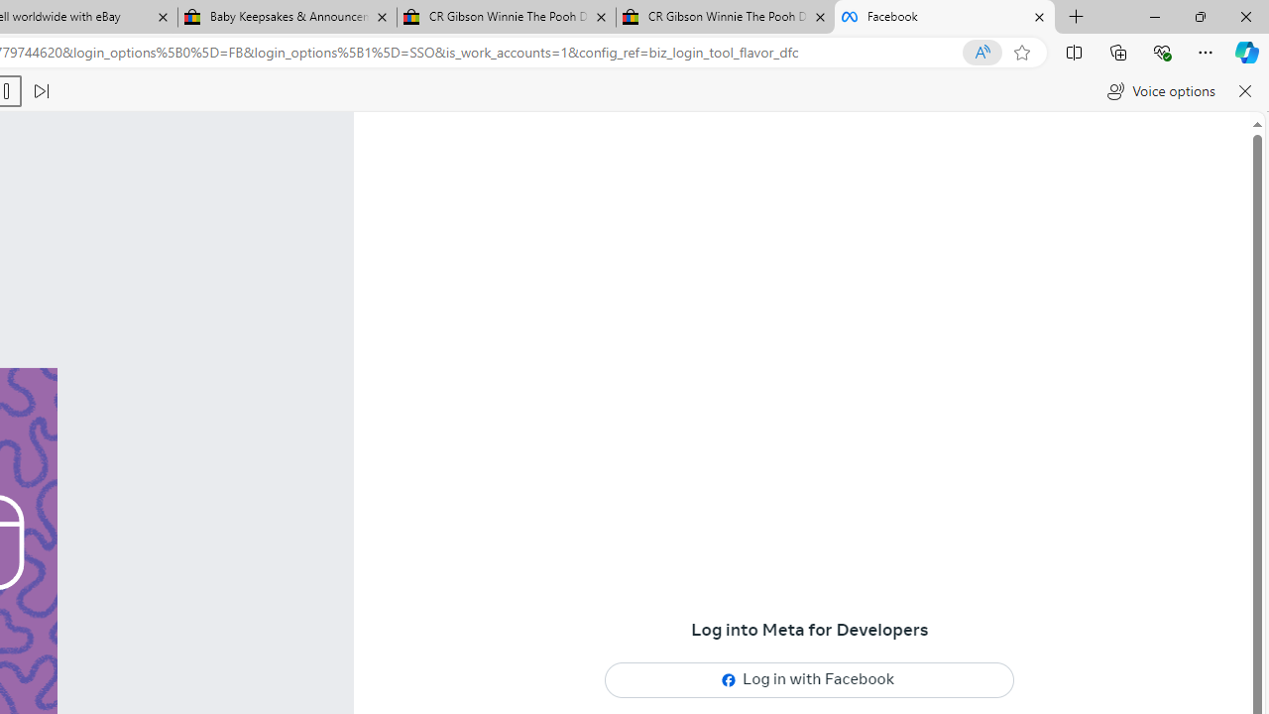 This screenshot has height=714, width=1269. Describe the element at coordinates (40, 91) in the screenshot. I see `'Read next paragraph'` at that location.